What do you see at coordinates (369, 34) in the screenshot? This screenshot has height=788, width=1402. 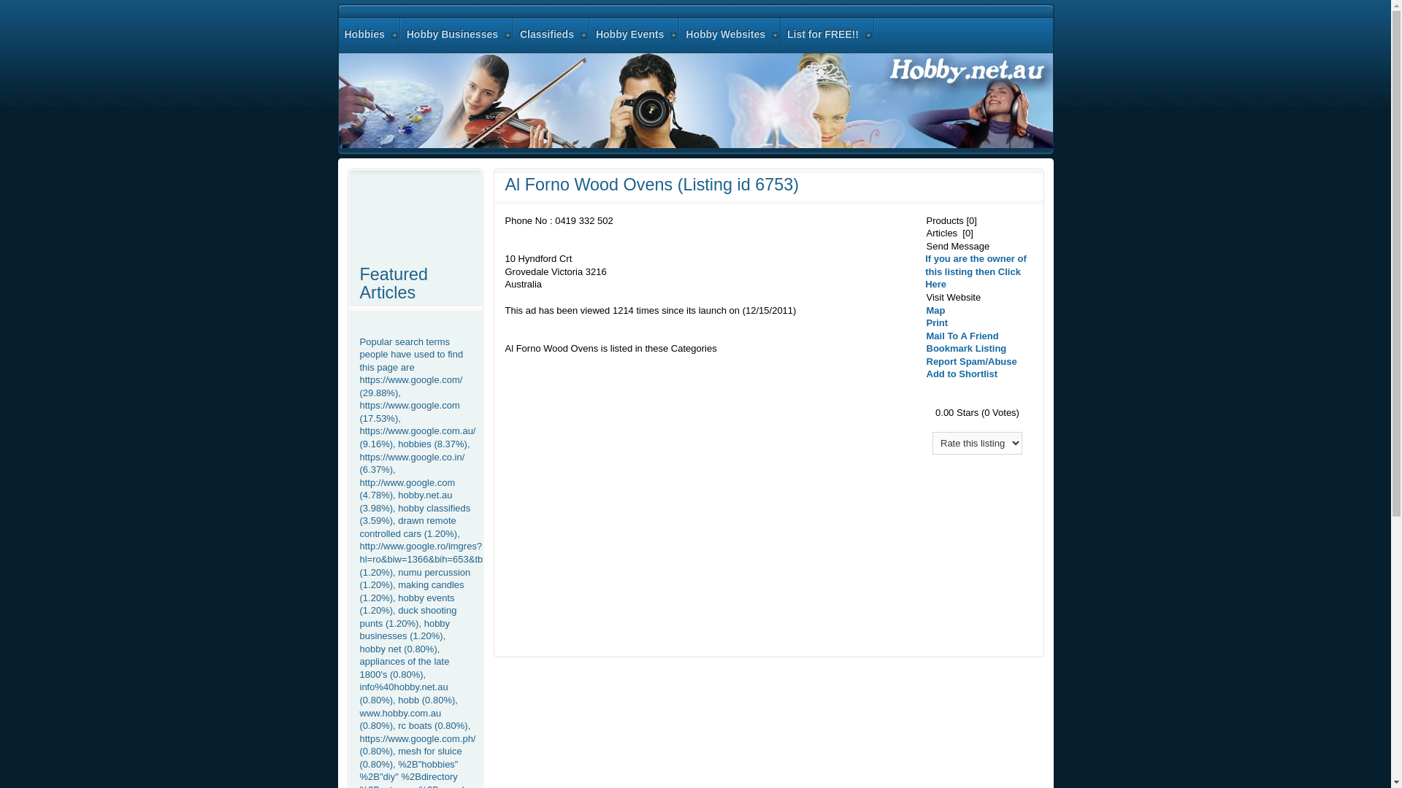 I see `'Hobbies'` at bounding box center [369, 34].